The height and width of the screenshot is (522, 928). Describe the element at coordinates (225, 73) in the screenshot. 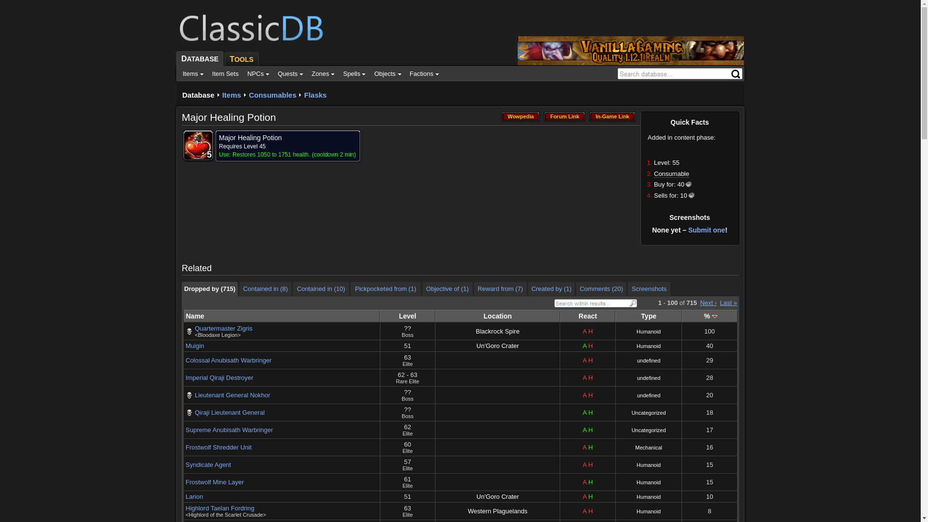

I see `'Item Sets'` at that location.